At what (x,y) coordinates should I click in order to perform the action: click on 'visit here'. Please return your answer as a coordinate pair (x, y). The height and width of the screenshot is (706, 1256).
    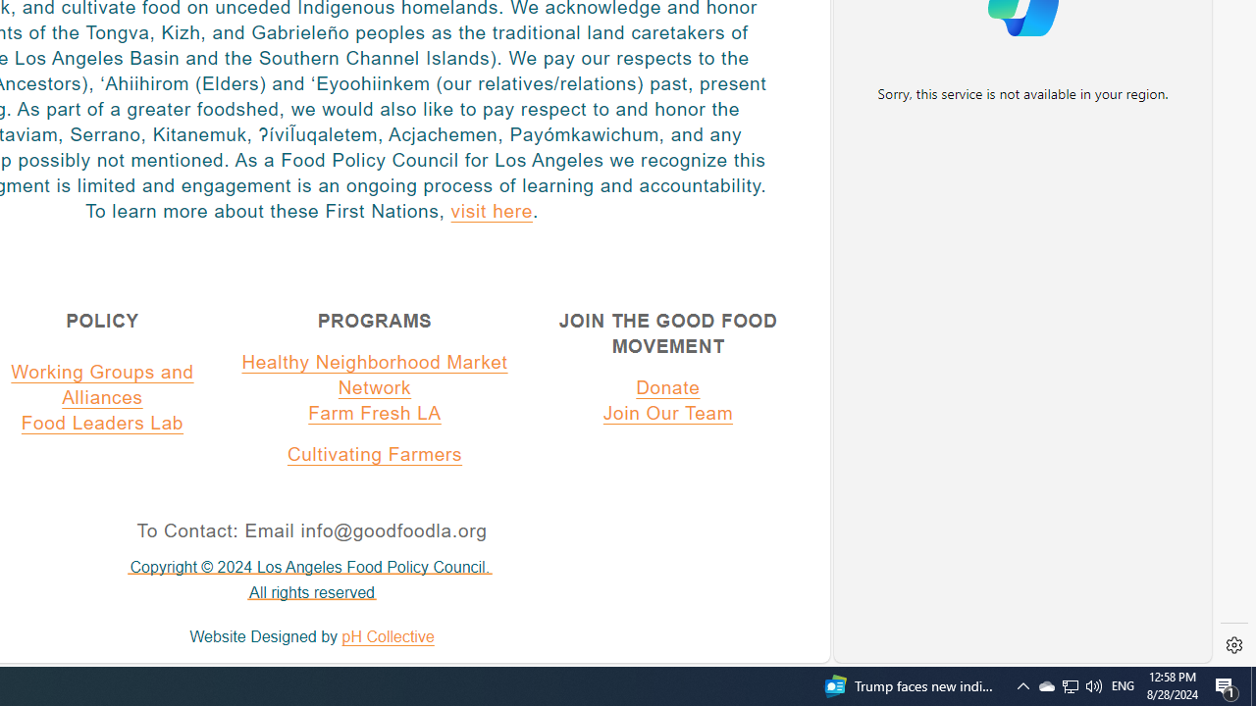
    Looking at the image, I should click on (492, 211).